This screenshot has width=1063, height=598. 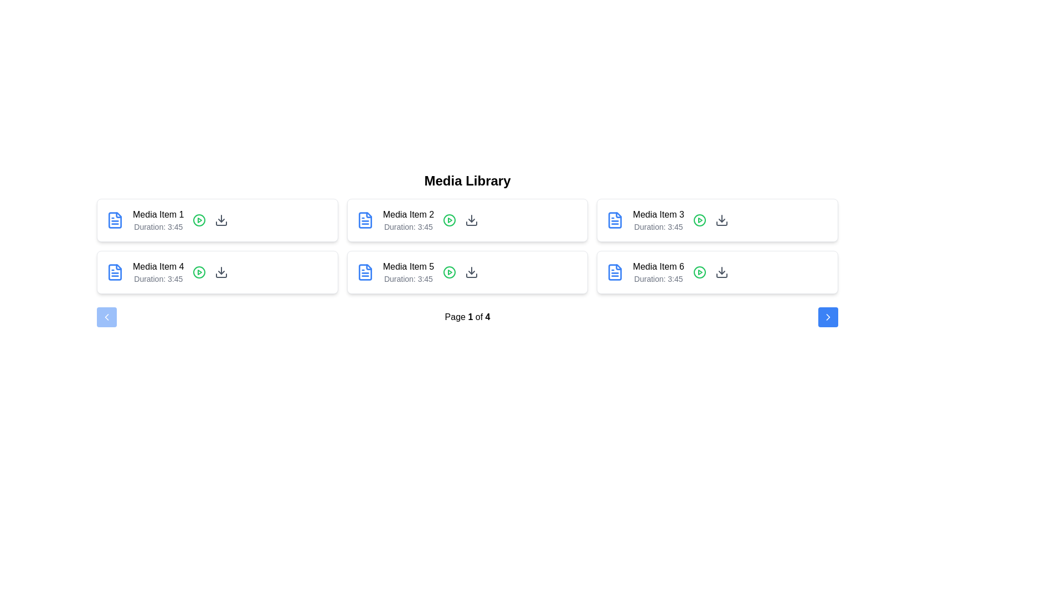 What do you see at coordinates (699, 272) in the screenshot?
I see `the green circular play button located within 'Media Item 6' card, positioned to the left of the download button` at bounding box center [699, 272].